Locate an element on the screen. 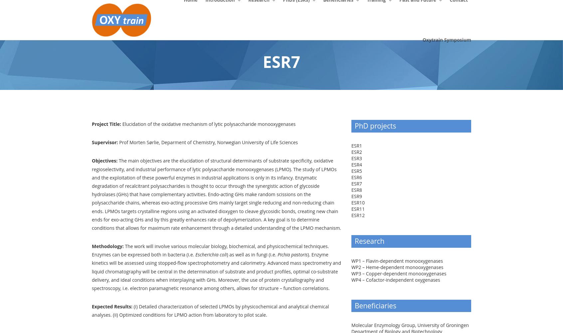 The height and width of the screenshot is (333, 563). 'WP3 – Copper-dependent monooxygenases' is located at coordinates (398, 273).